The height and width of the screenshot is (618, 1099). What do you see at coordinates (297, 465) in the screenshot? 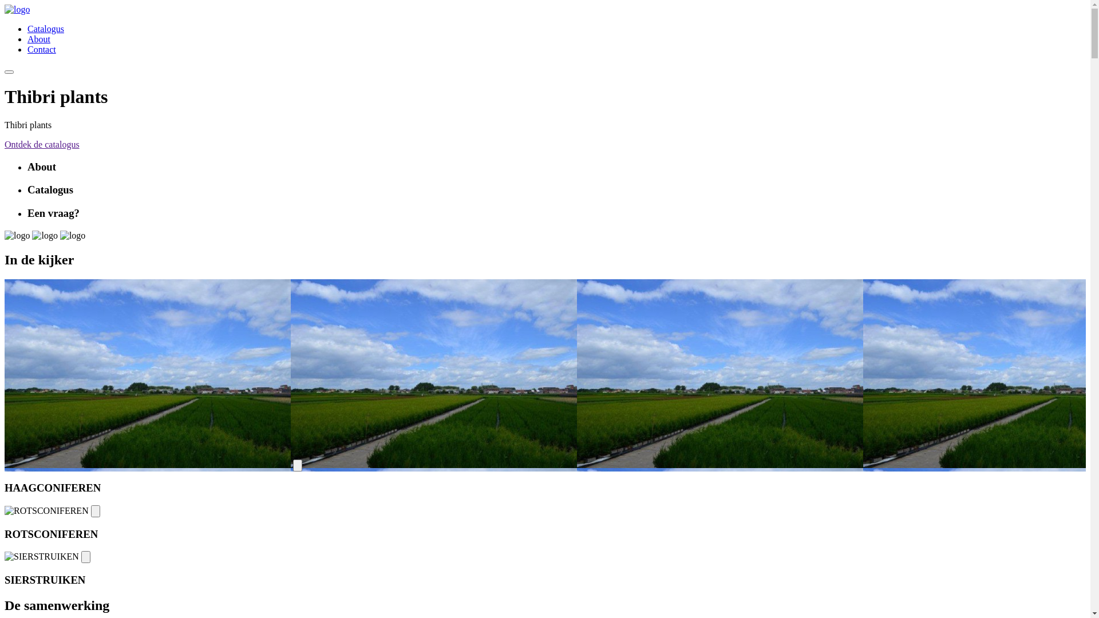
I see `'arrow-right'` at bounding box center [297, 465].